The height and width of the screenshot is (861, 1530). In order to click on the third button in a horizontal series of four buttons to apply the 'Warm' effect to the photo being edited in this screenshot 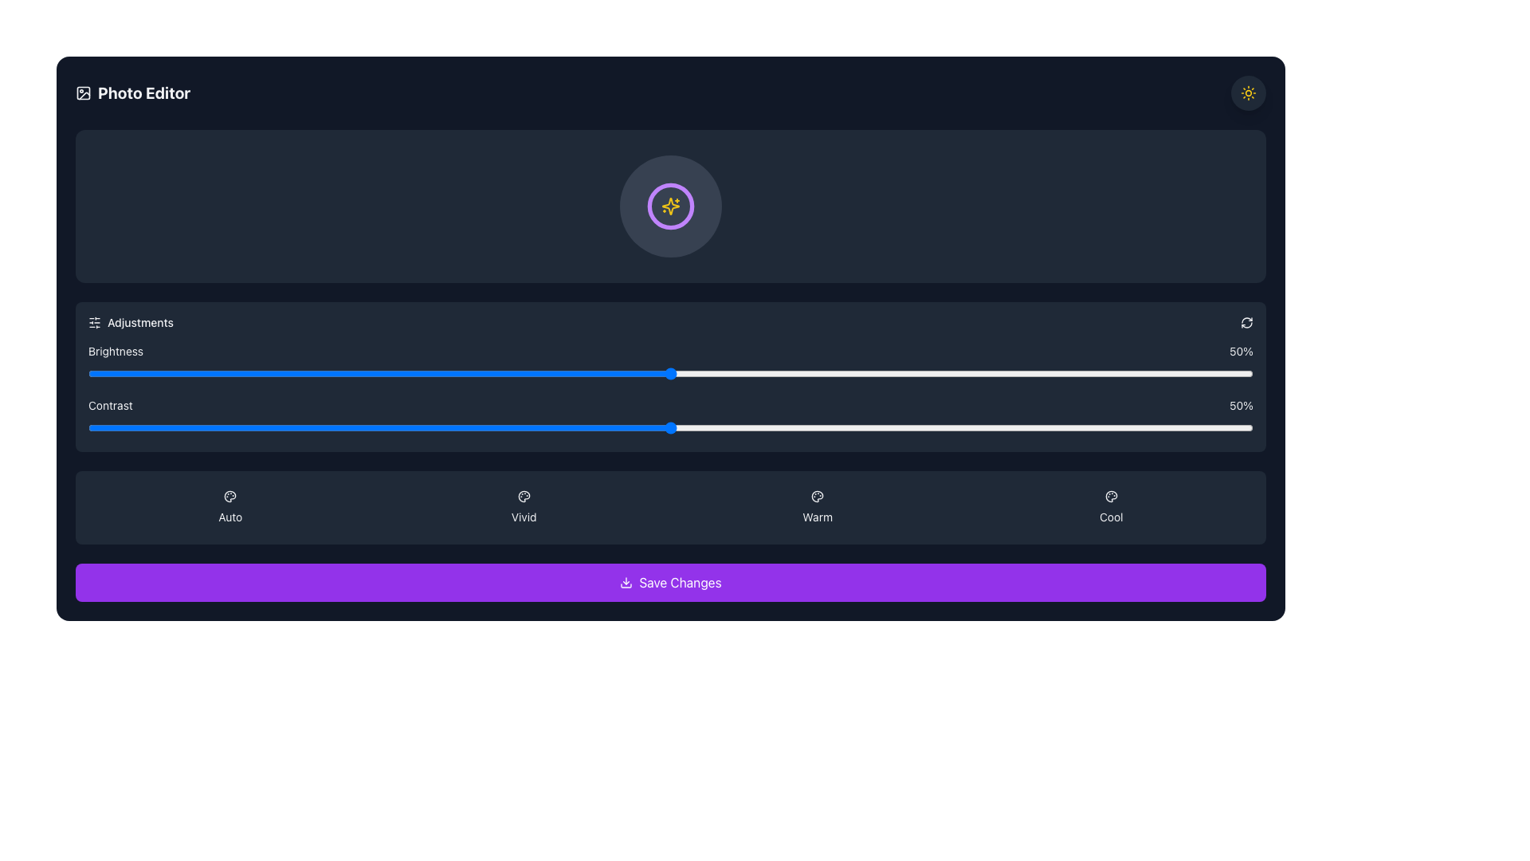, I will do `click(818, 507)`.